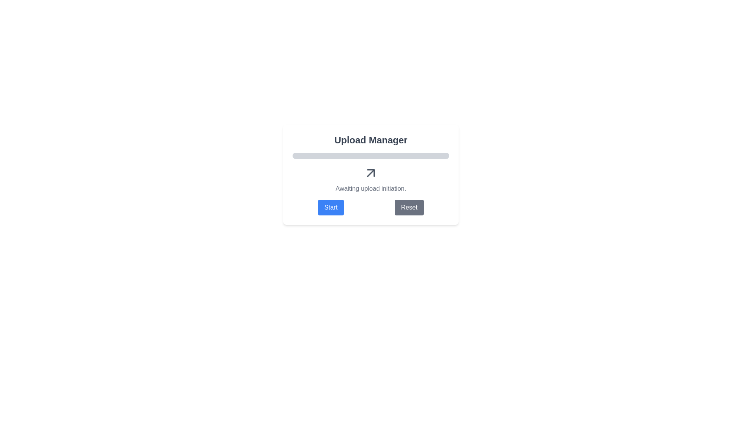 Image resolution: width=752 pixels, height=423 pixels. I want to click on the horizontal progress bar located beneath the 'Upload Manager' header, which has a gray background and a blue dynamic segment, so click(370, 155).